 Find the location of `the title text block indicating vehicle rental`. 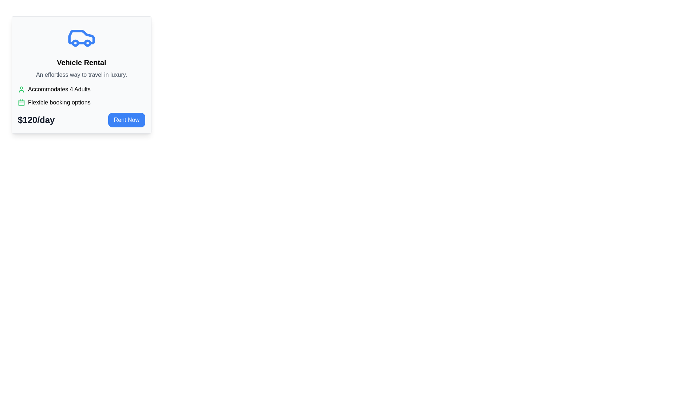

the title text block indicating vehicle rental is located at coordinates (82, 62).